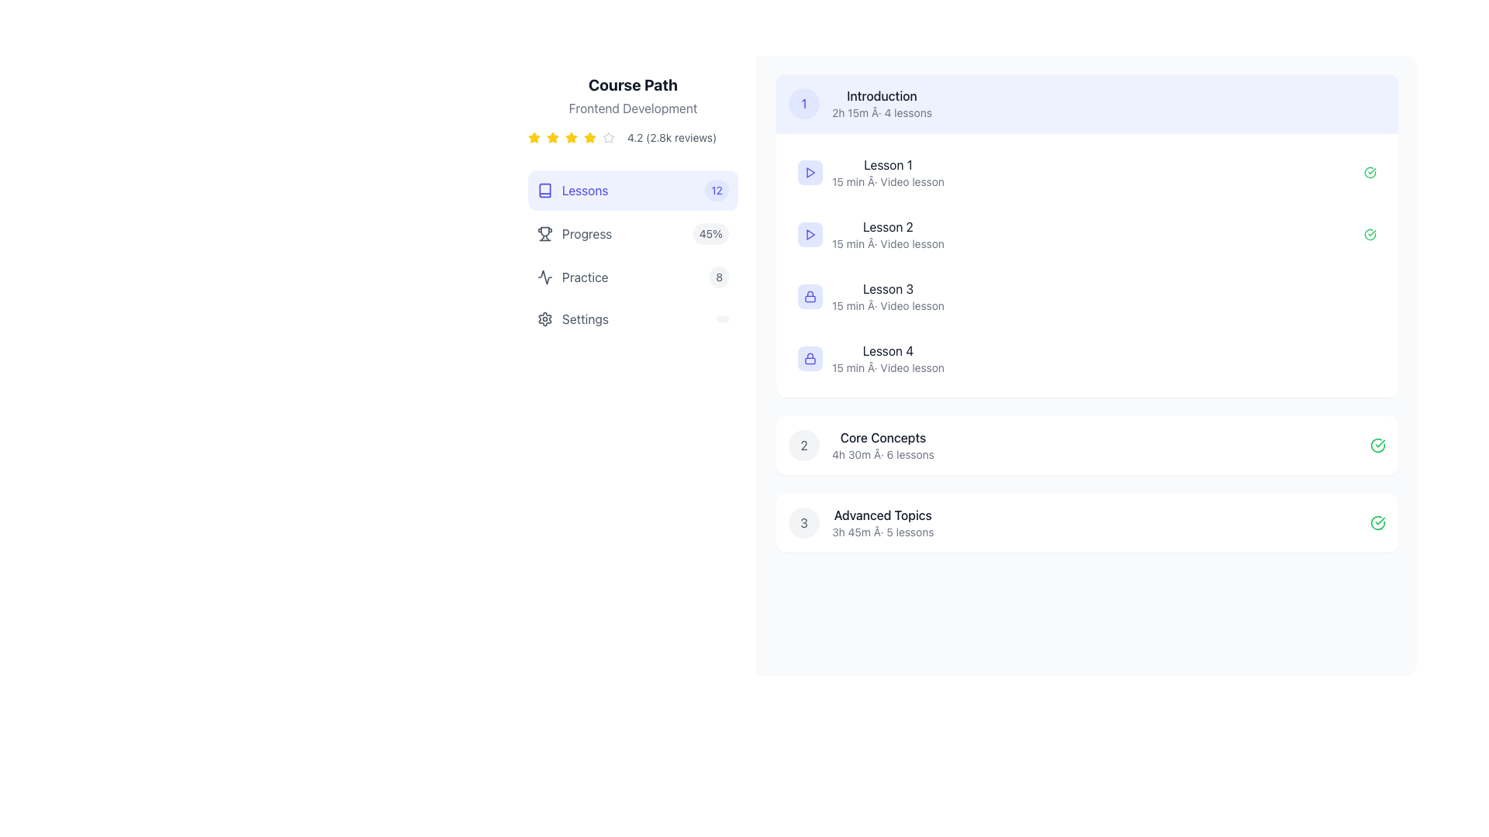 This screenshot has height=837, width=1489. I want to click on the fourth star icon in the rating system, so click(589, 136).